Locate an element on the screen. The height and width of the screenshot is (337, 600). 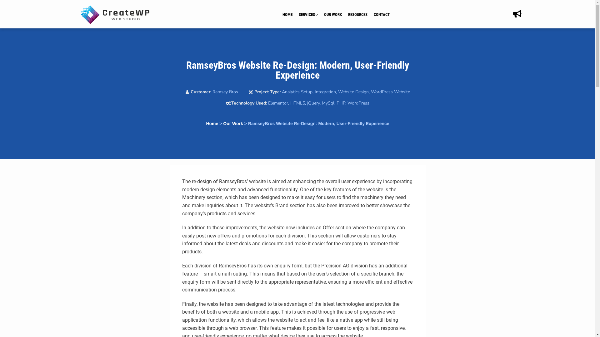
'HOME' is located at coordinates (290, 14).